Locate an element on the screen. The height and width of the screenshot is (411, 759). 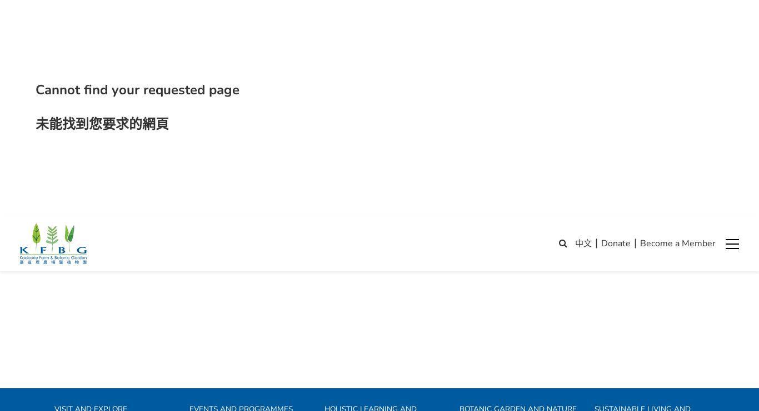
'Be the change' is located at coordinates (616, 260).